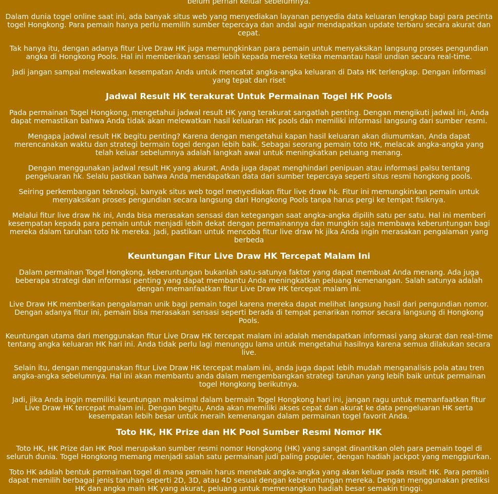 The height and width of the screenshot is (494, 498). Describe the element at coordinates (248, 144) in the screenshot. I see `'Mengapa jadwal result HK begitu penting? Karena dengan mengetahui kapan hasil keluaran akan diumumkan, Anda dapat merencanakan waktu dan strategi bermain togel dengan lebih baik. Sebagai seorang pemain toto HK, melacak angka-angka yang telah keluar sebelumnya adalah langkah awal untuk meningkatkan peluang menang.'` at that location.